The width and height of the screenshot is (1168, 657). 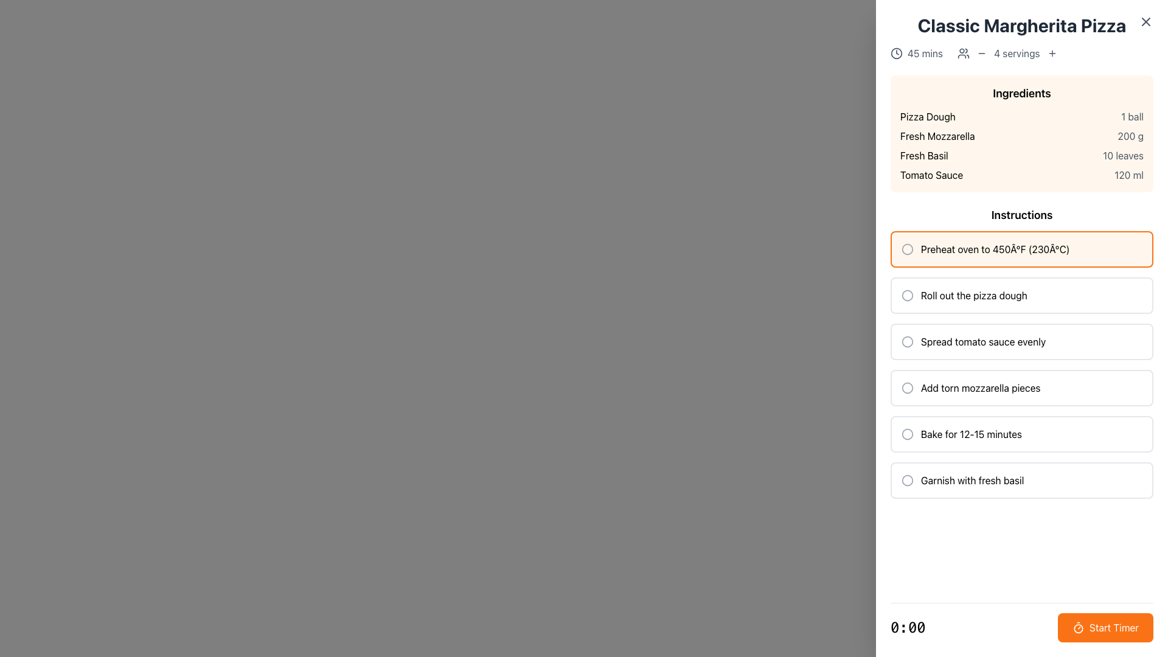 I want to click on the Text label displaying ingredient information in the 'Ingredients' section of the recipe interface, which is the third item in the list, positioned below 'Fresh Mozzarella' and above 'Tomato Sauce', so click(x=924, y=155).